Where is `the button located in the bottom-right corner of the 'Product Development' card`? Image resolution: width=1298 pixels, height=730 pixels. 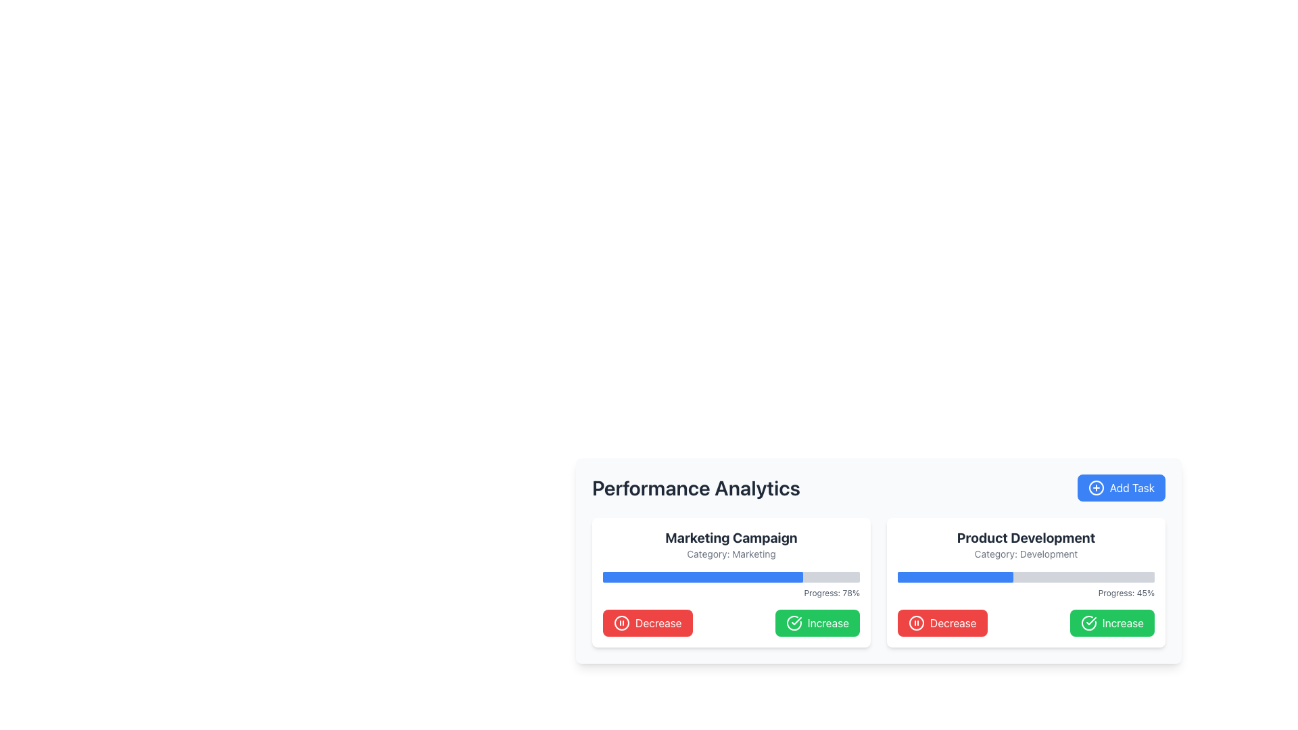 the button located in the bottom-right corner of the 'Product Development' card is located at coordinates (1112, 623).